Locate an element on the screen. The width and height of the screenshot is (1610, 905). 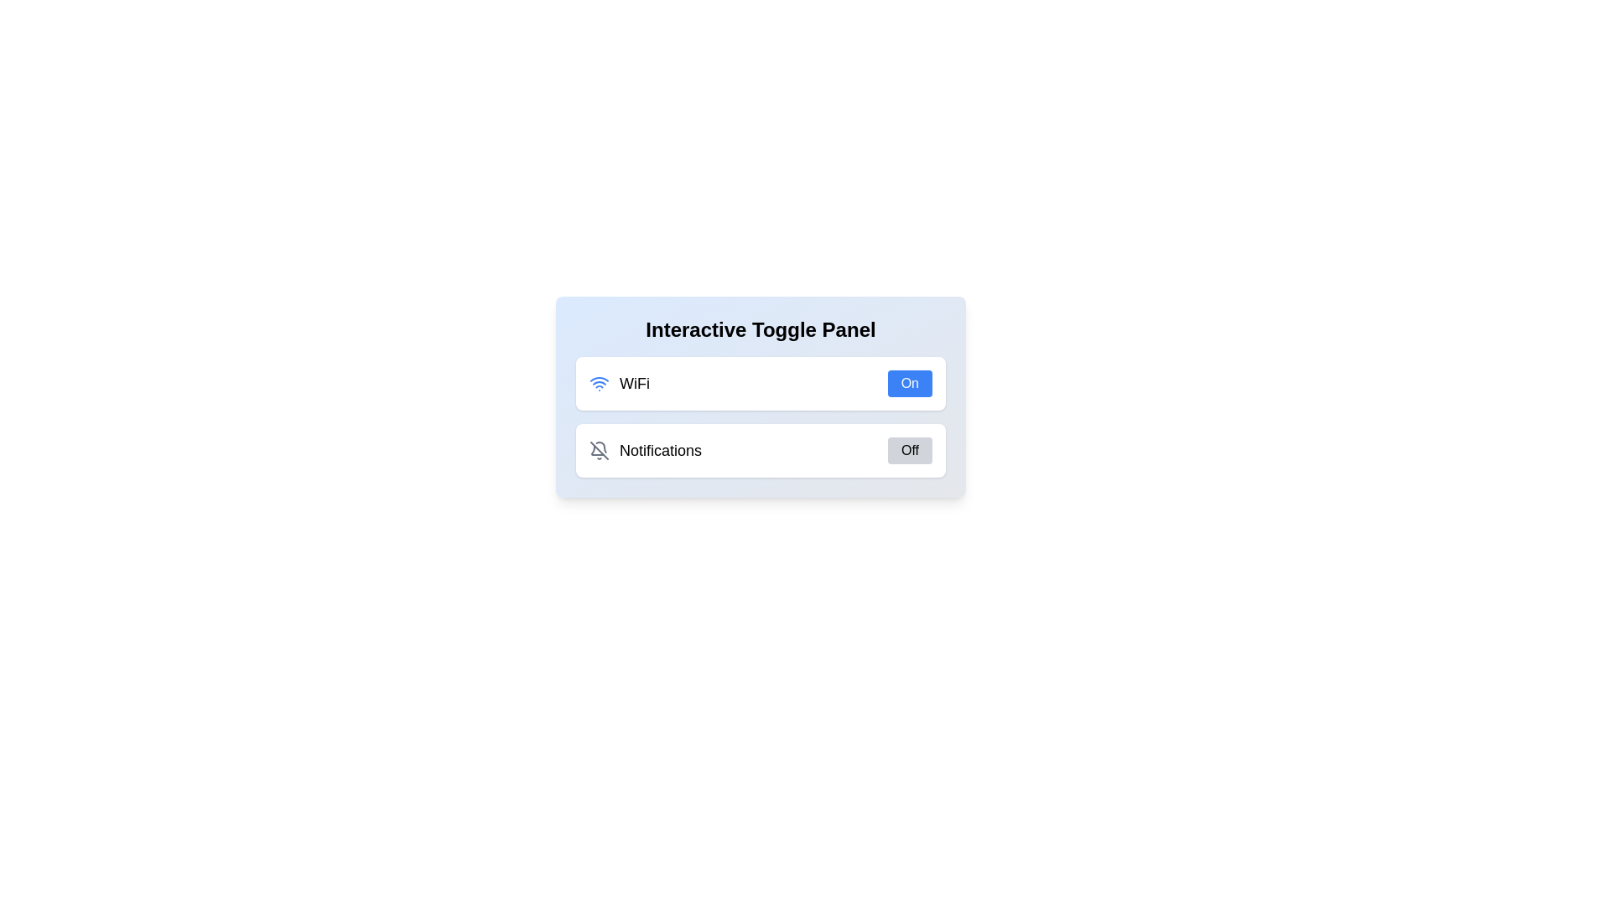
the WiFi toggle button to change its state is located at coordinates (908, 384).